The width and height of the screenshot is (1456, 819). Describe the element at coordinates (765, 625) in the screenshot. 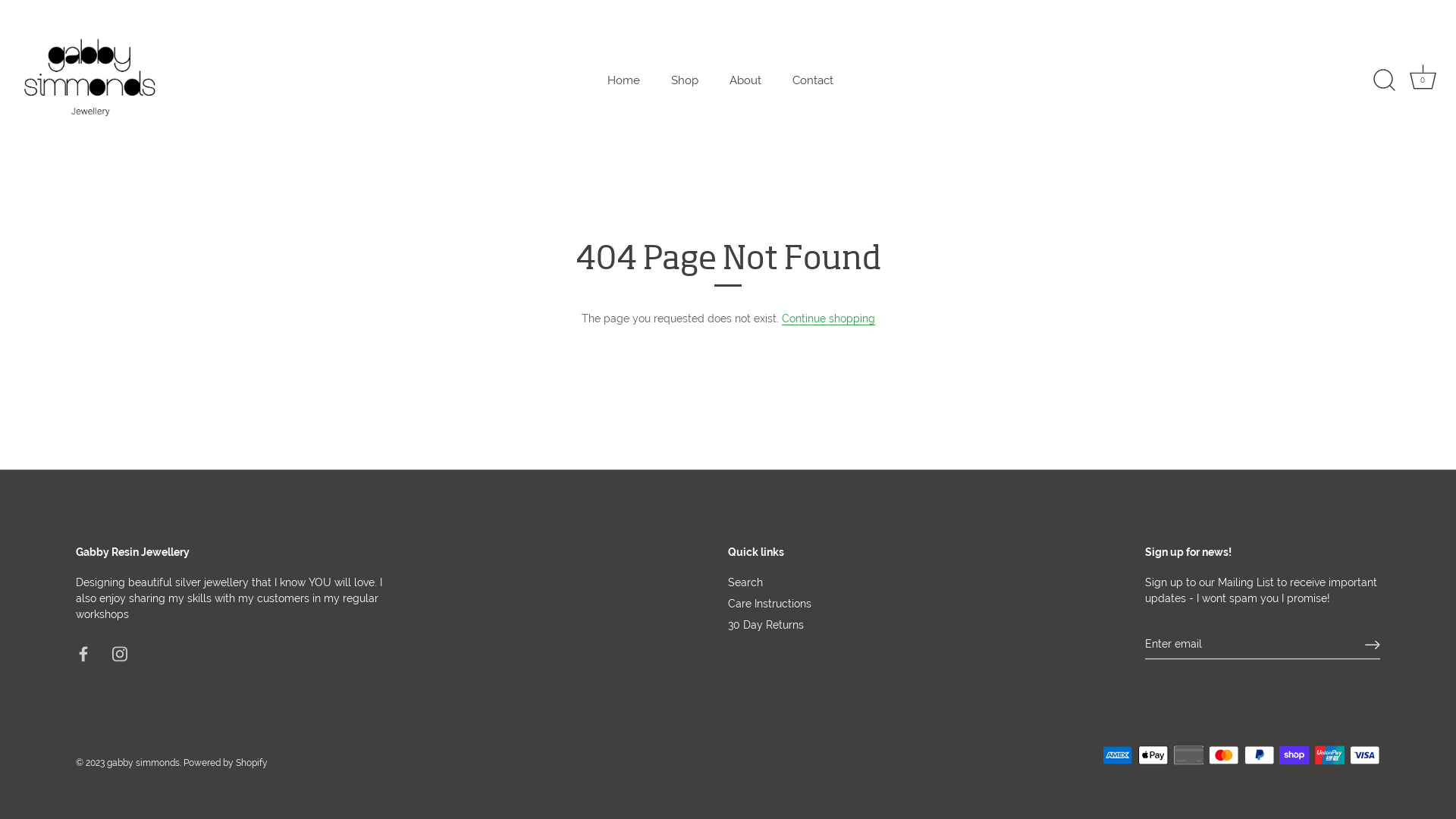

I see `'30 Day Returns'` at that location.